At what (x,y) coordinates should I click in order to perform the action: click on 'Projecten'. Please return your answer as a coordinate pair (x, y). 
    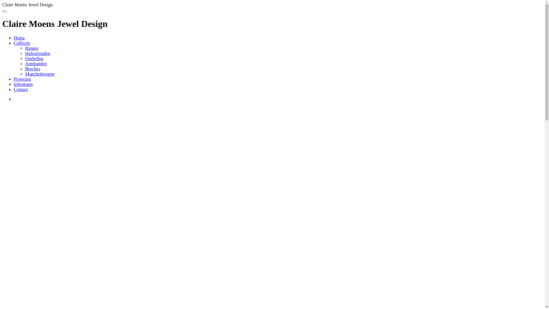
    Looking at the image, I should click on (14, 79).